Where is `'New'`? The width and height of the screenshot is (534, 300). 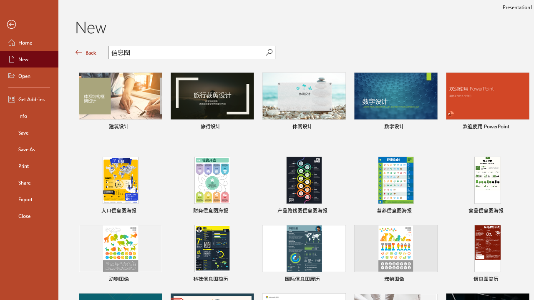
'New' is located at coordinates (29, 58).